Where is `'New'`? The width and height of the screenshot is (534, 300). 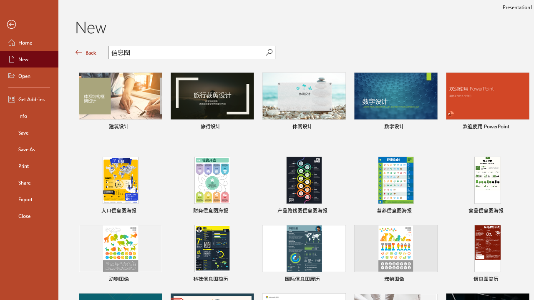
'New' is located at coordinates (29, 58).